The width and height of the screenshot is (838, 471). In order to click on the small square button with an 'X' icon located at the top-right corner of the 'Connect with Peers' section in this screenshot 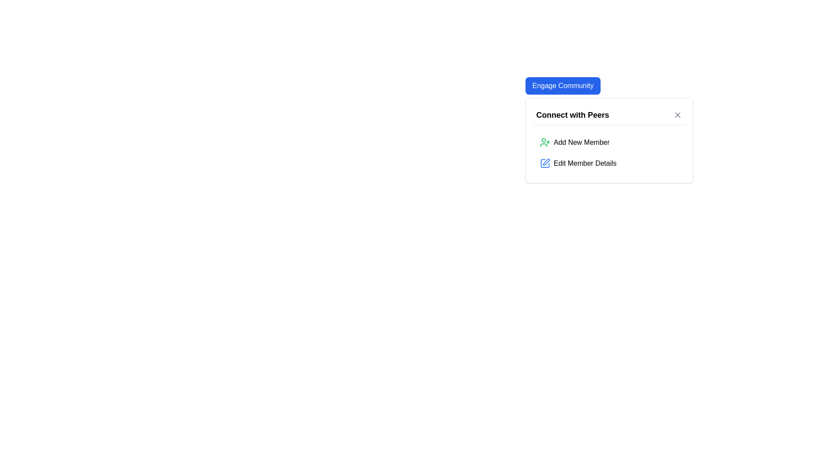, I will do `click(677, 114)`.